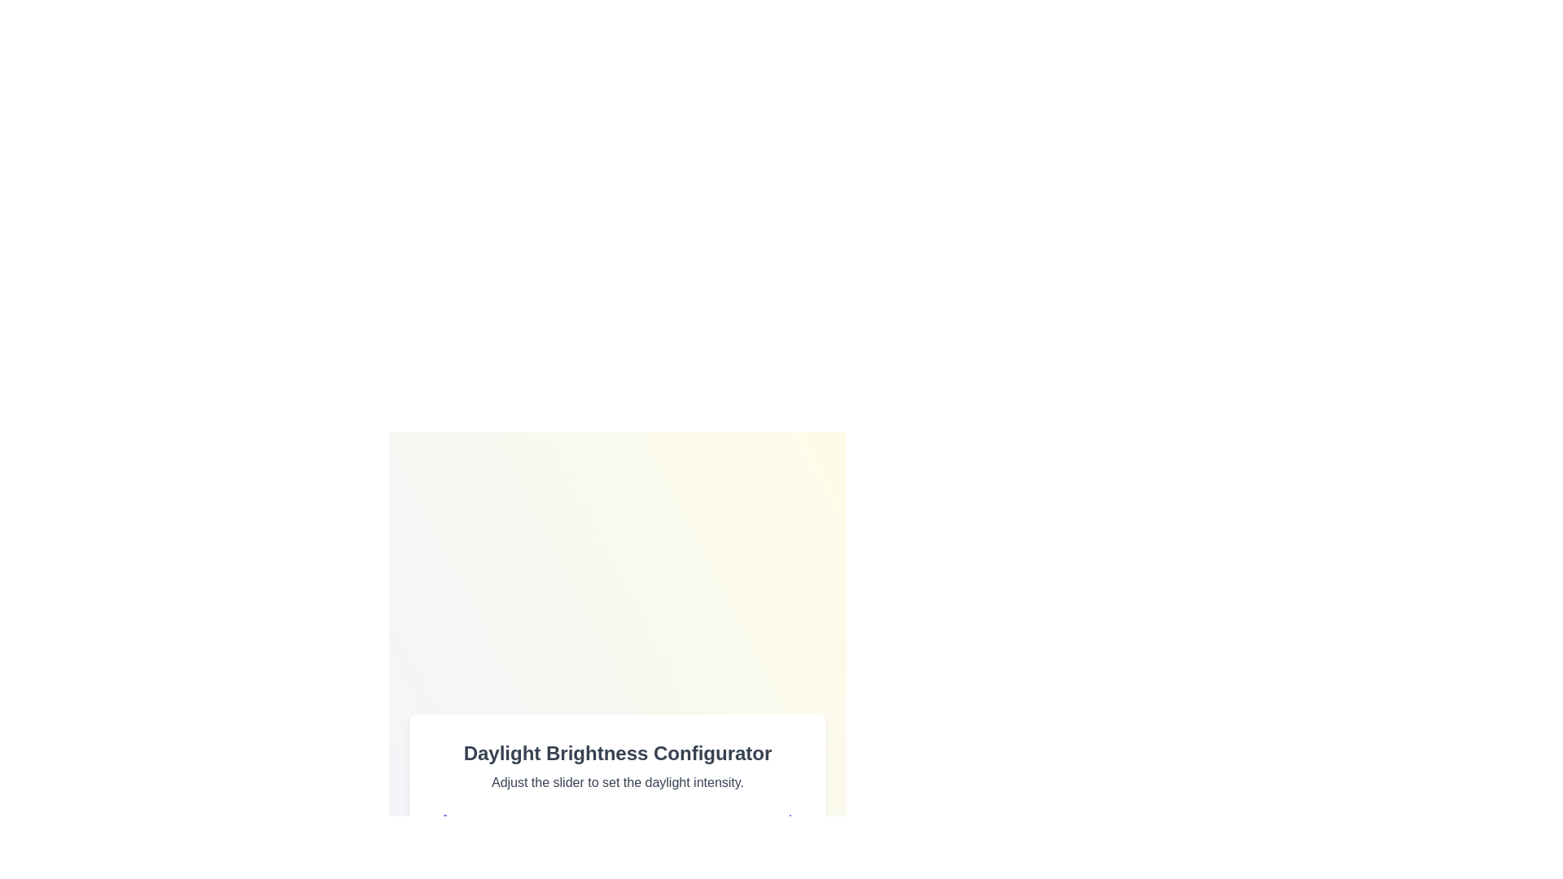 This screenshot has width=1563, height=879. Describe the element at coordinates (790, 823) in the screenshot. I see `the sunset icon to emphasize it visually` at that location.